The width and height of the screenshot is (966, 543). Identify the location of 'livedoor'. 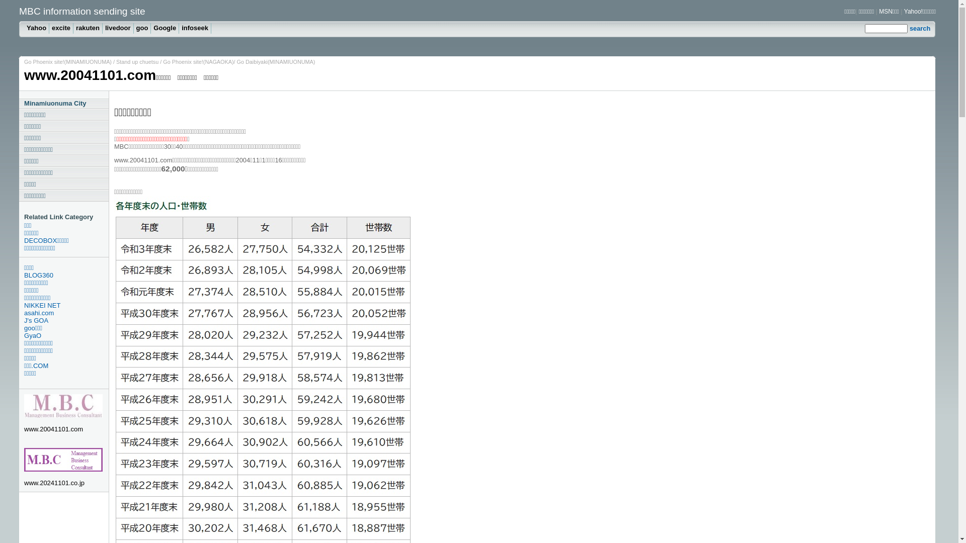
(118, 28).